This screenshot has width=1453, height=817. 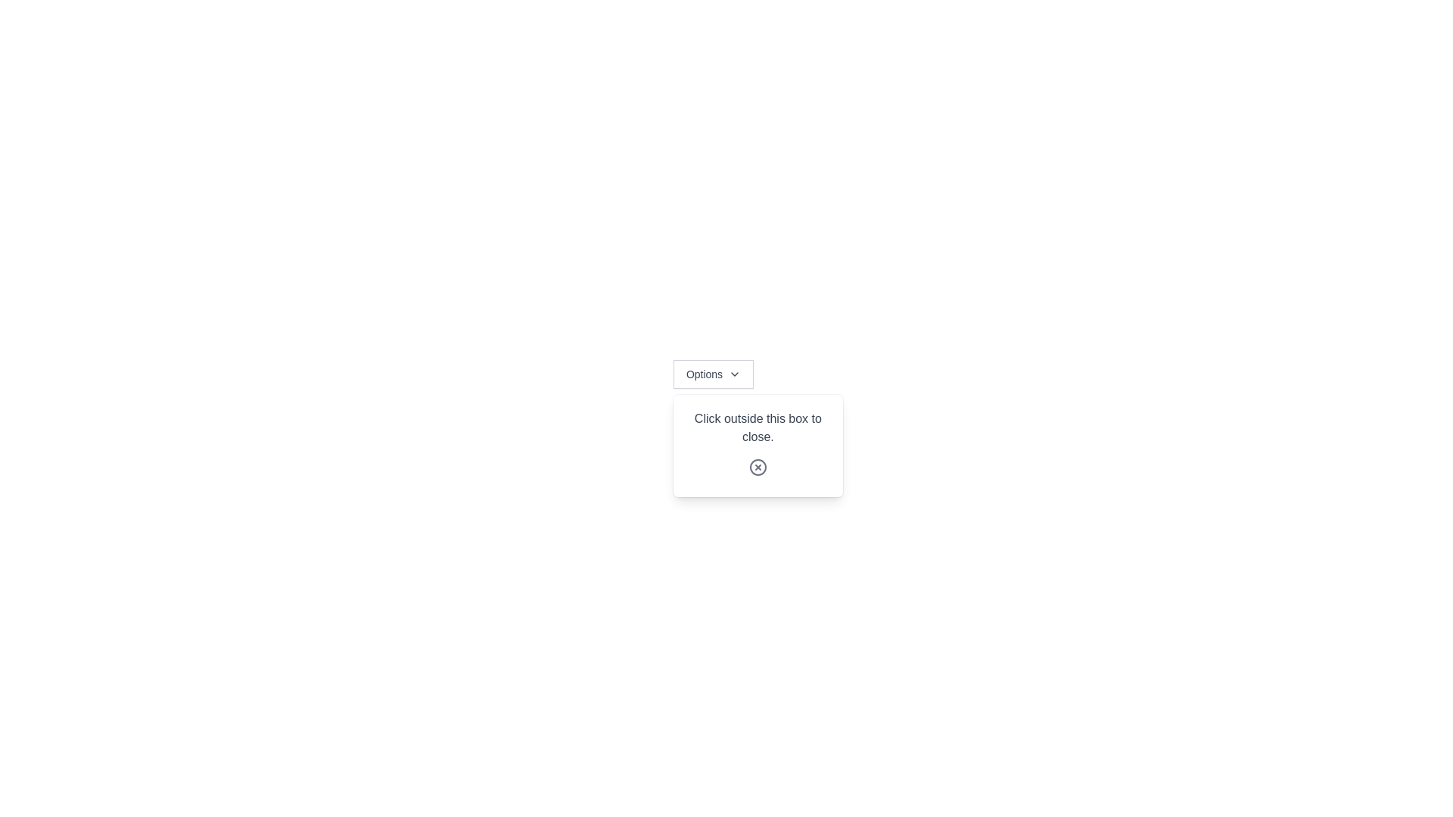 I want to click on the downward-facing chevron icon located to the right of the 'Options' button, so click(x=735, y=374).